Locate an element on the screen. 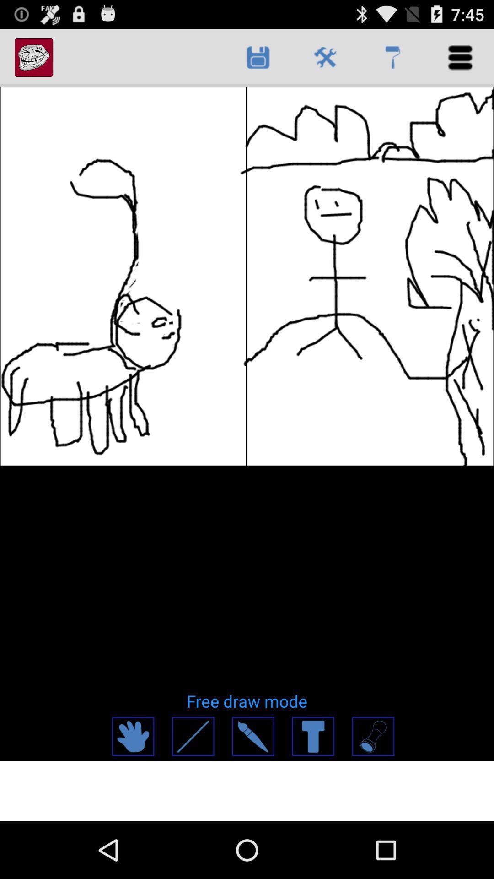 The height and width of the screenshot is (879, 494). line is located at coordinates (192, 736).